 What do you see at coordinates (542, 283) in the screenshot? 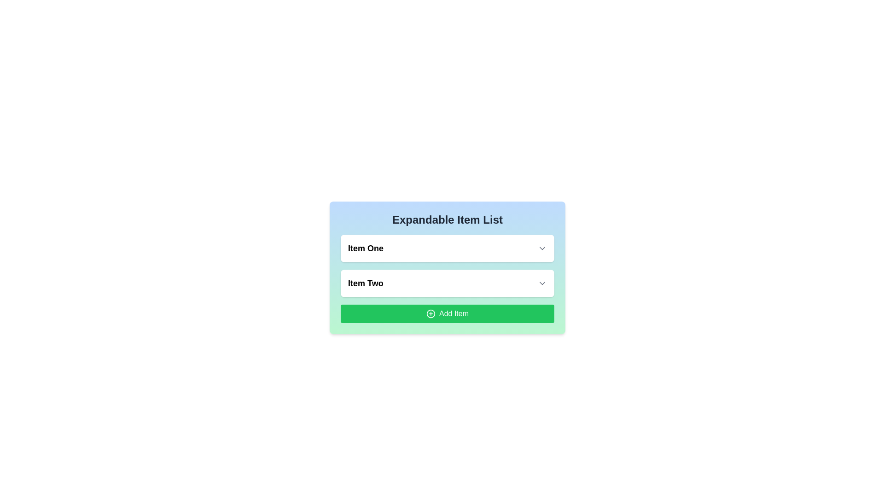
I see `the chevron-down icon button located at the far-right end of the 'Item Two' element to change its color` at bounding box center [542, 283].